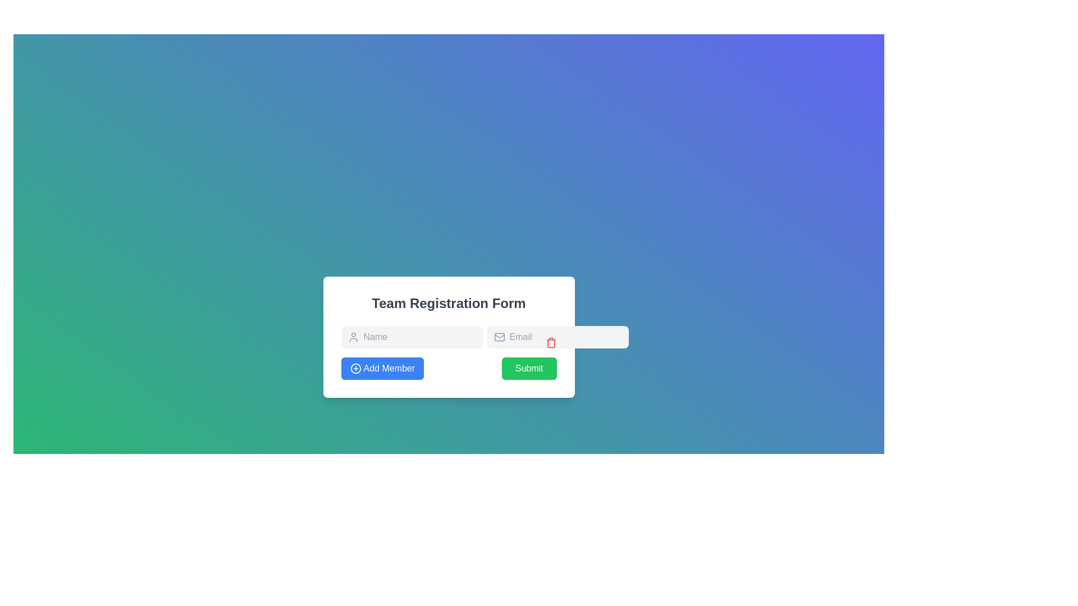  What do you see at coordinates (382, 368) in the screenshot?
I see `the button to add a new member to the team, located below the input fields of the 'Team Registration Form' and to the left of the green 'Submit' button` at bounding box center [382, 368].